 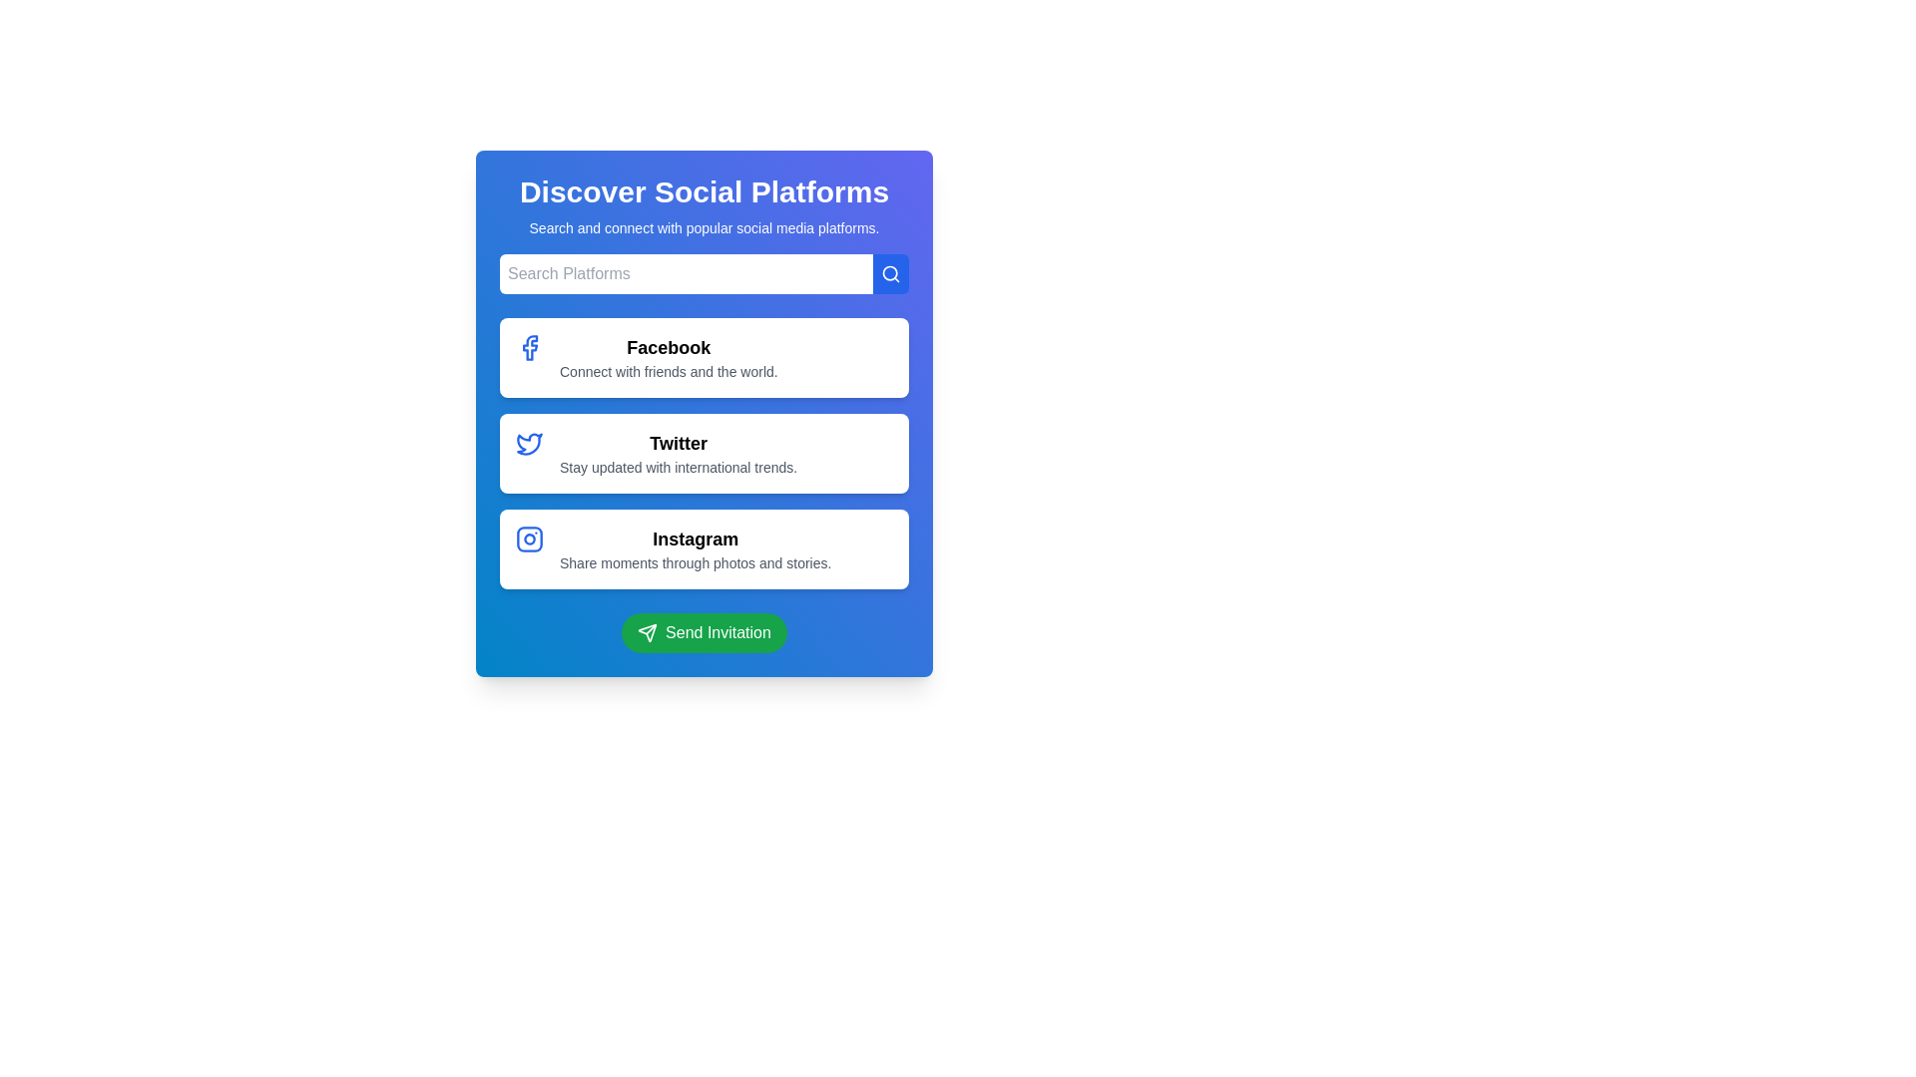 I want to click on the text block with the bold title 'Discover Social Platforms' and subtitle 'Search and connect with popular social media platforms', so click(x=704, y=206).